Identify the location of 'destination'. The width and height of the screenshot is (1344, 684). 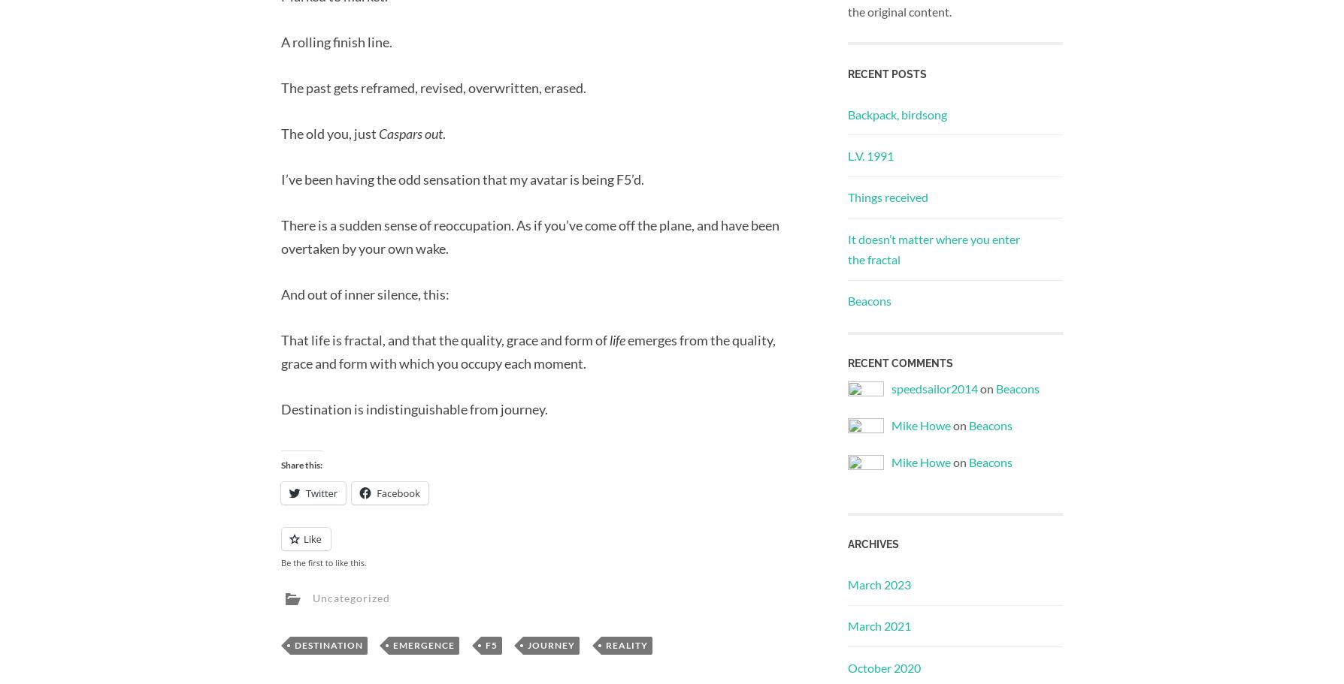
(328, 645).